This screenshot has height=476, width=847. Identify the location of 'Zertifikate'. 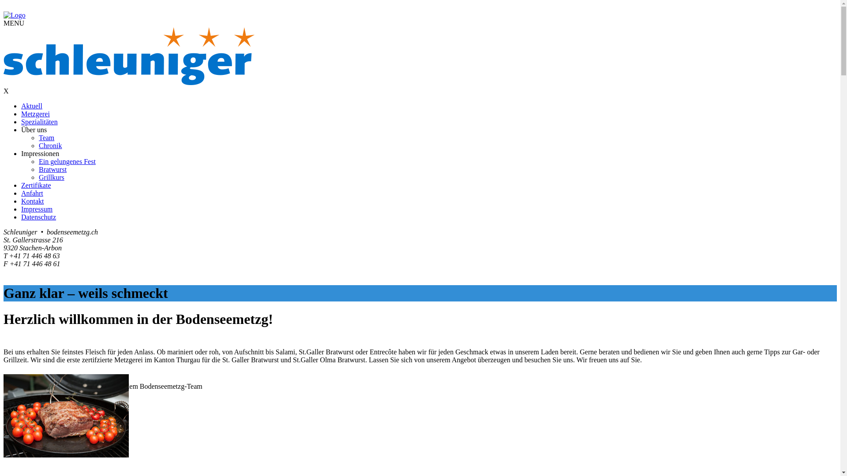
(21, 185).